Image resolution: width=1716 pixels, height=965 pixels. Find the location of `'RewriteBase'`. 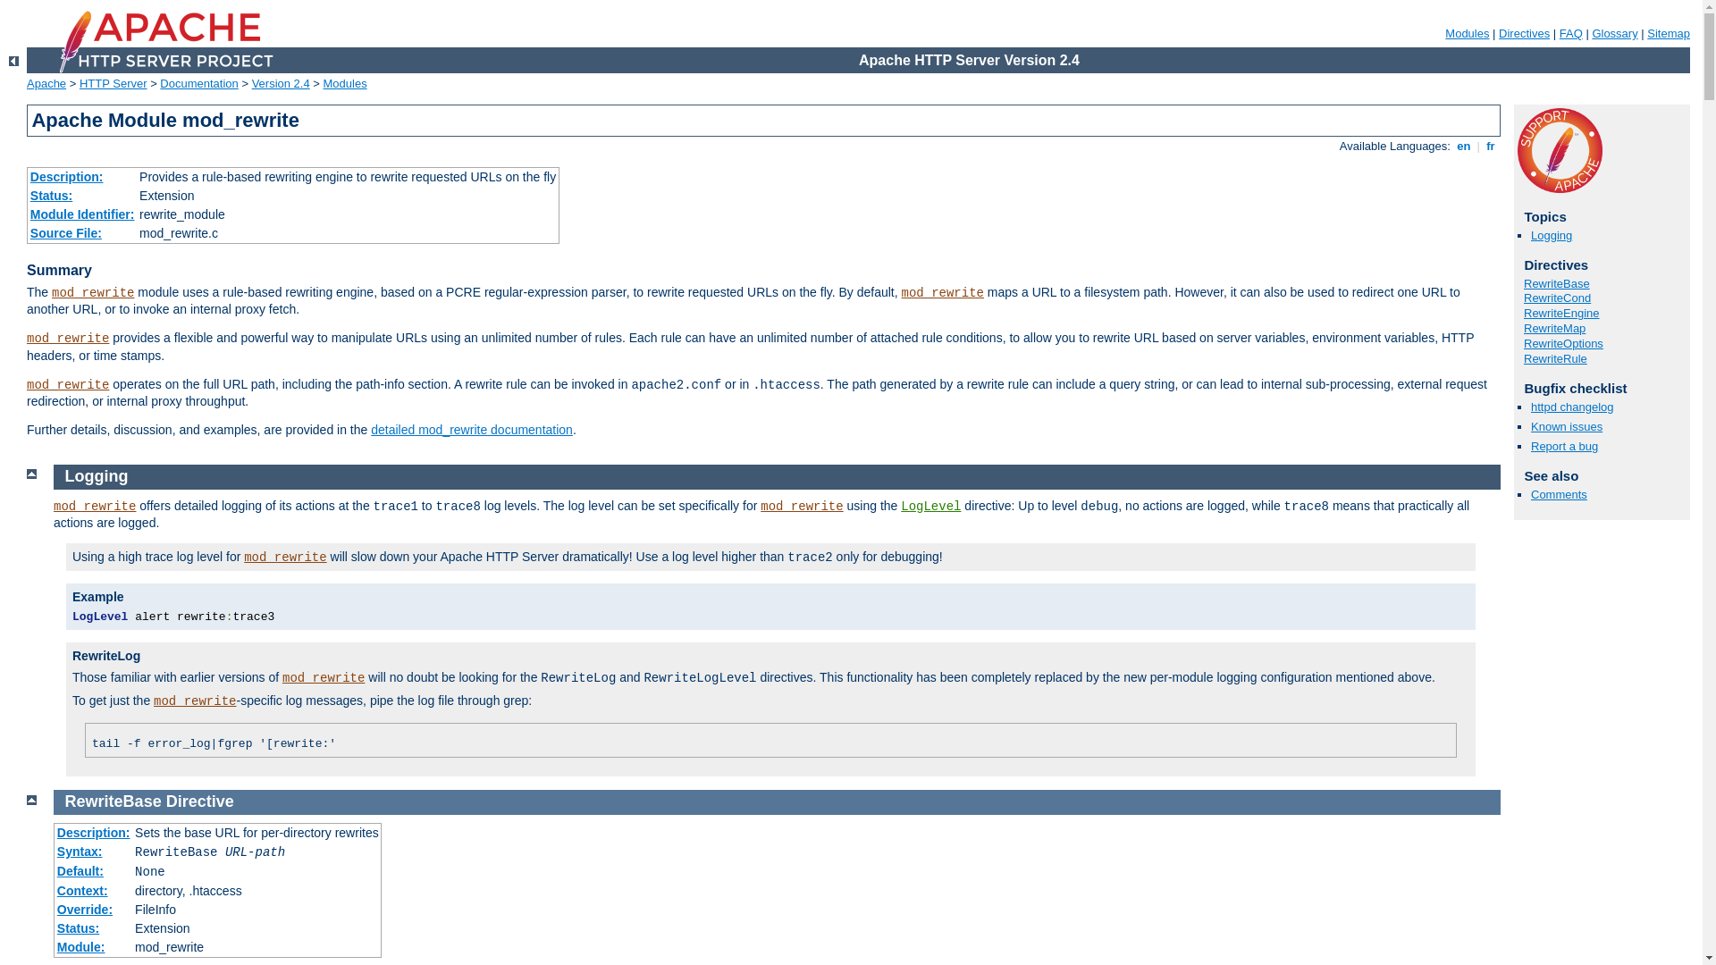

'RewriteBase' is located at coordinates (1522, 282).